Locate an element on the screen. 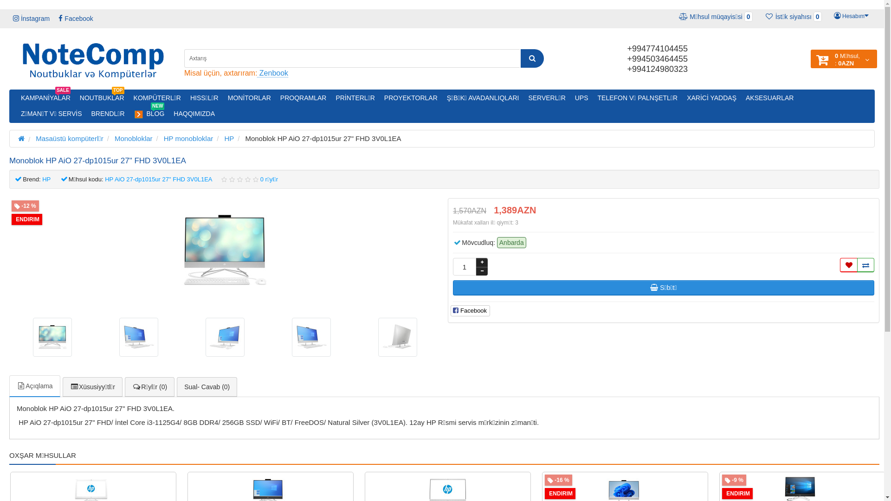 The height and width of the screenshot is (501, 891). 'TOP is located at coordinates (102, 98).